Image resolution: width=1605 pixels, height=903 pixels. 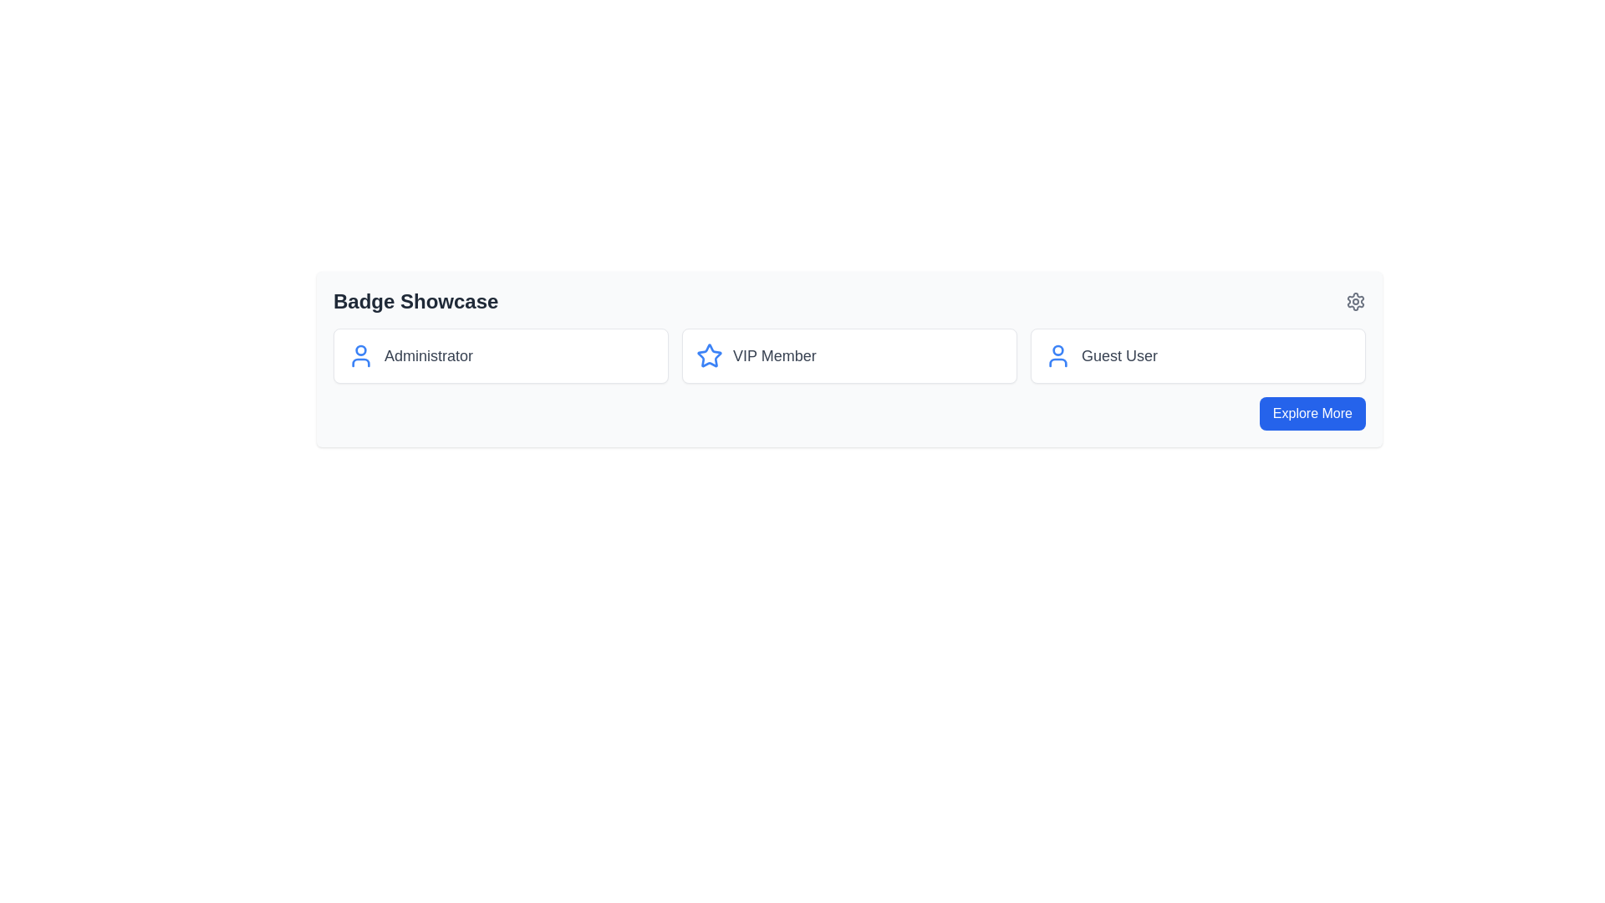 I want to click on the cog-shaped icon button located at the top-right corner of the component group, so click(x=1356, y=302).